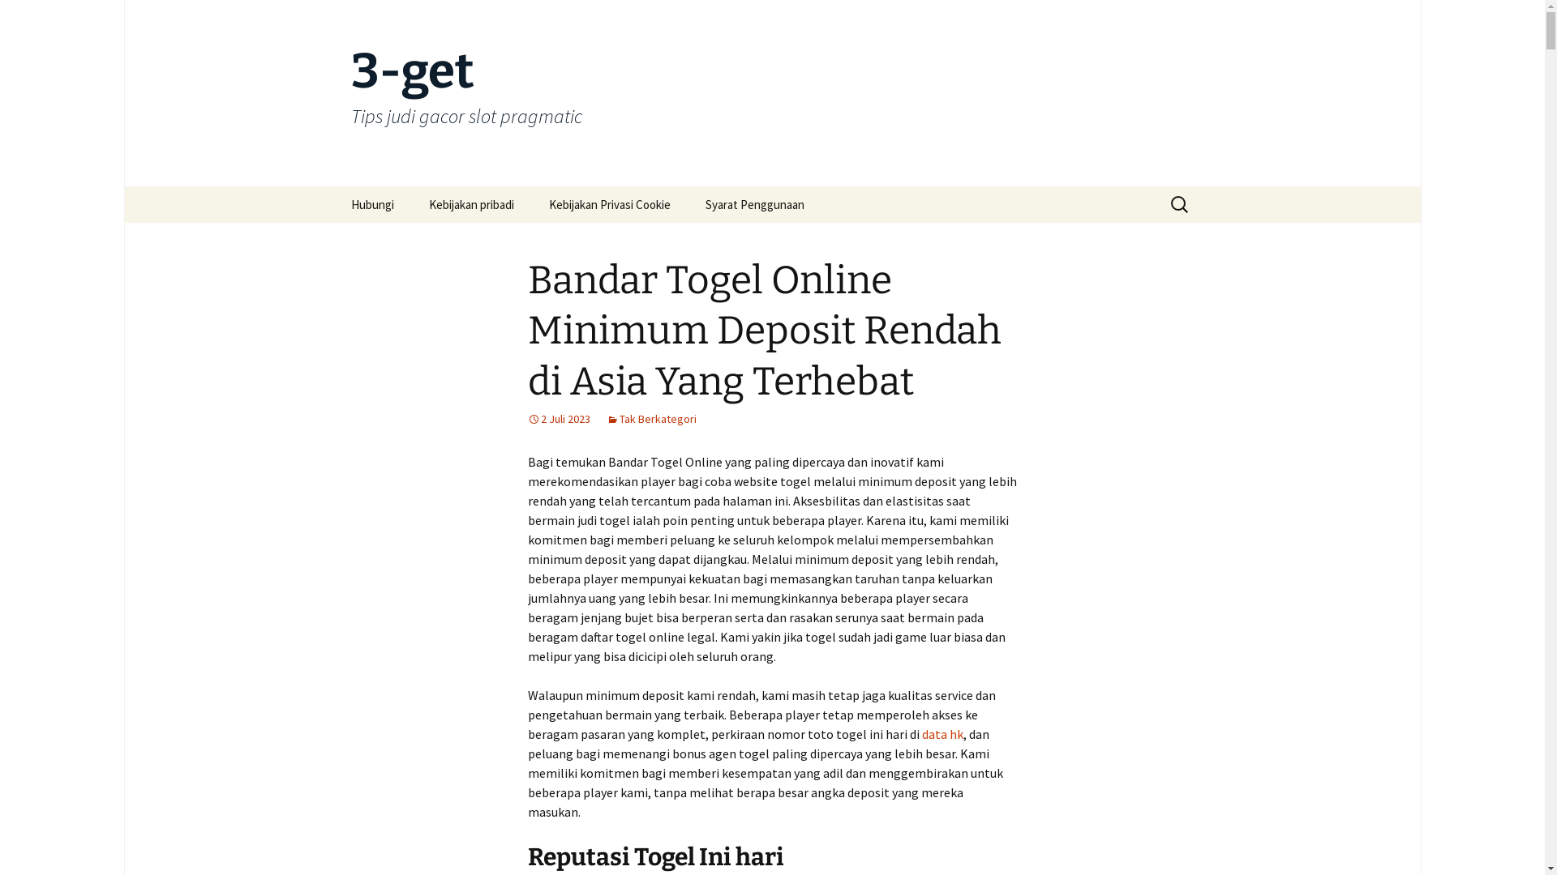 This screenshot has height=875, width=1557. Describe the element at coordinates (754, 203) in the screenshot. I see `'Syarat Penggunaan'` at that location.